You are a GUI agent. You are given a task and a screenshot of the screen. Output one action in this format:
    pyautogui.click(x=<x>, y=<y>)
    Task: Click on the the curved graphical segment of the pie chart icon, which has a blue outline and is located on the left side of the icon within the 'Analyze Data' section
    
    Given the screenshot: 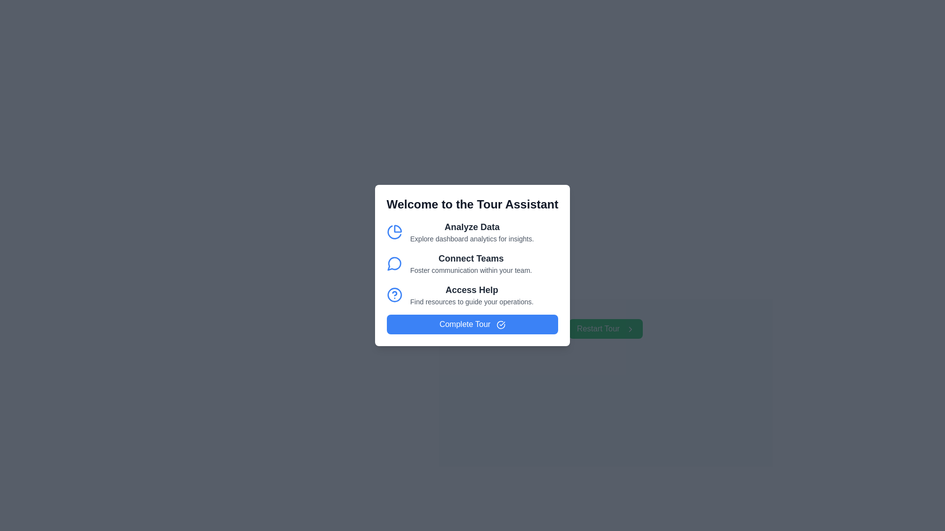 What is the action you would take?
    pyautogui.click(x=394, y=232)
    